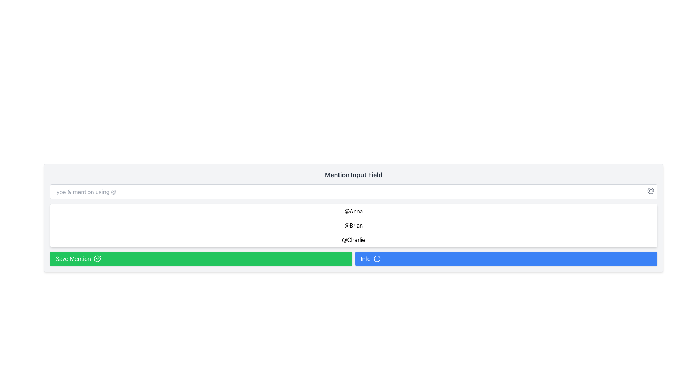 The image size is (687, 386). What do you see at coordinates (354, 226) in the screenshot?
I see `the text element '@Brian' which is styled with padding and has a hover effect, positioned as the second option between '@Anna' and '@Charlie'` at bounding box center [354, 226].